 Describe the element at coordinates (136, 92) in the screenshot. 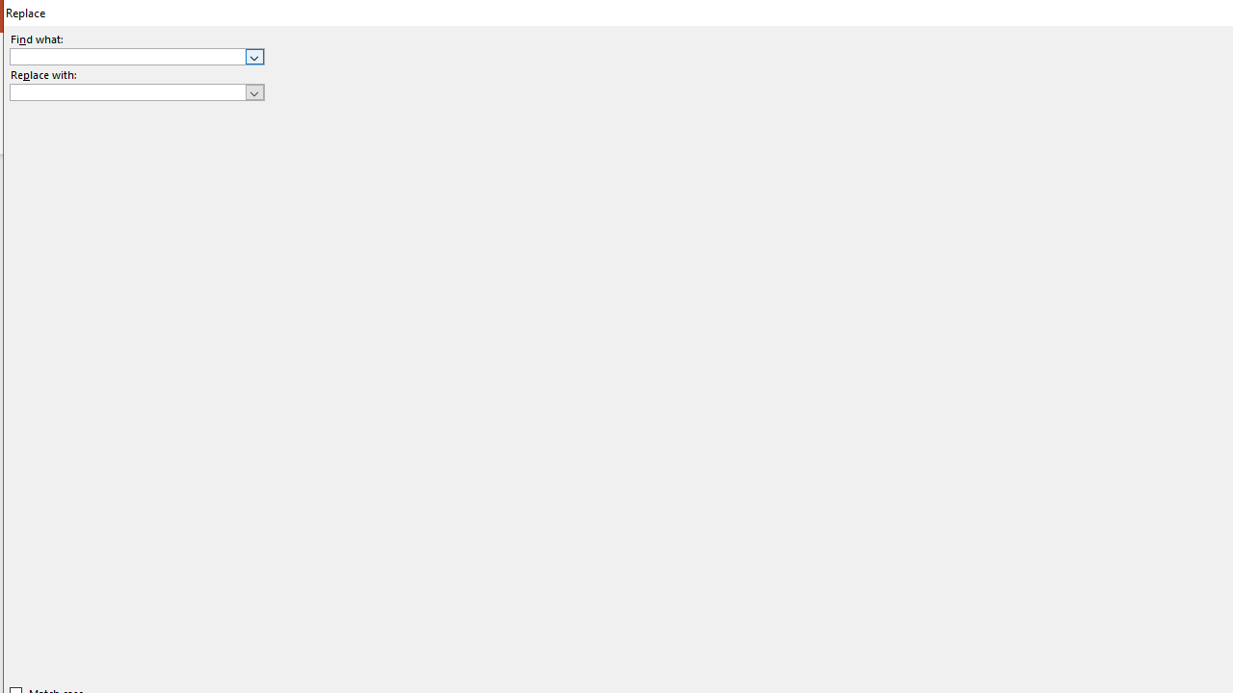

I see `'Replace with'` at that location.